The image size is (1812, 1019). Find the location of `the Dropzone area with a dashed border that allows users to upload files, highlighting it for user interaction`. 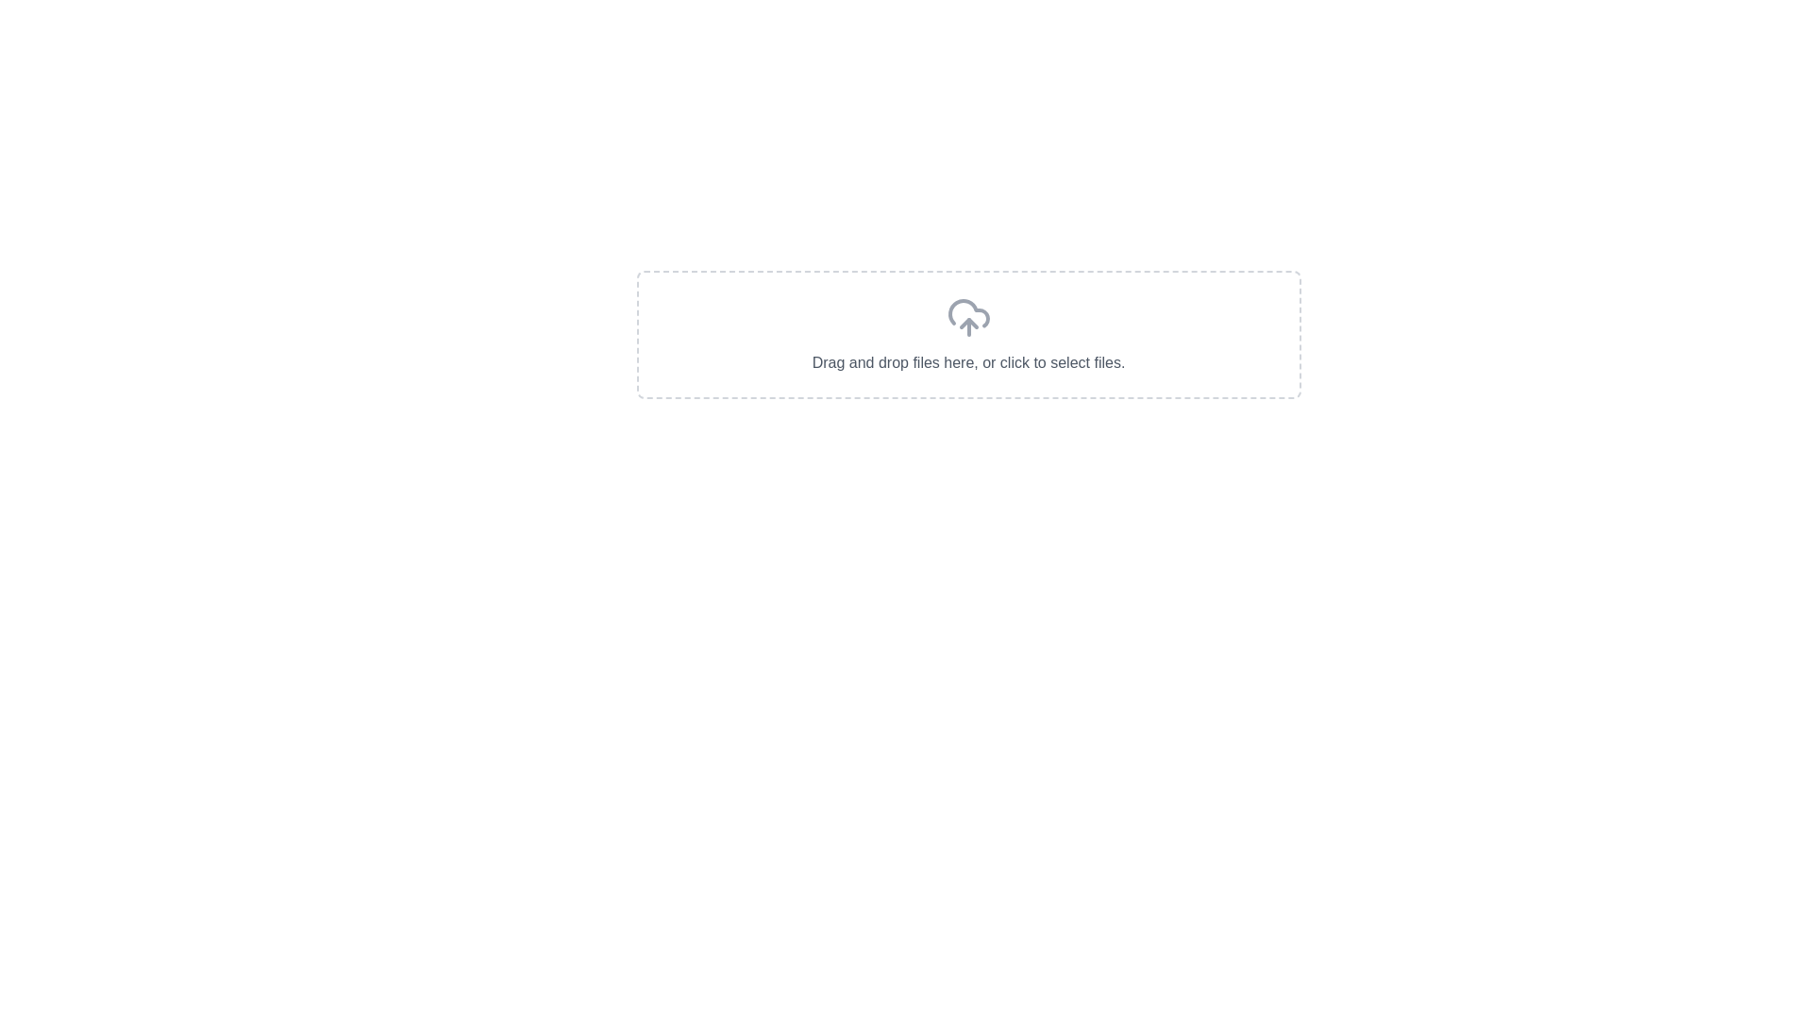

the Dropzone area with a dashed border that allows users to upload files, highlighting it for user interaction is located at coordinates (968, 333).